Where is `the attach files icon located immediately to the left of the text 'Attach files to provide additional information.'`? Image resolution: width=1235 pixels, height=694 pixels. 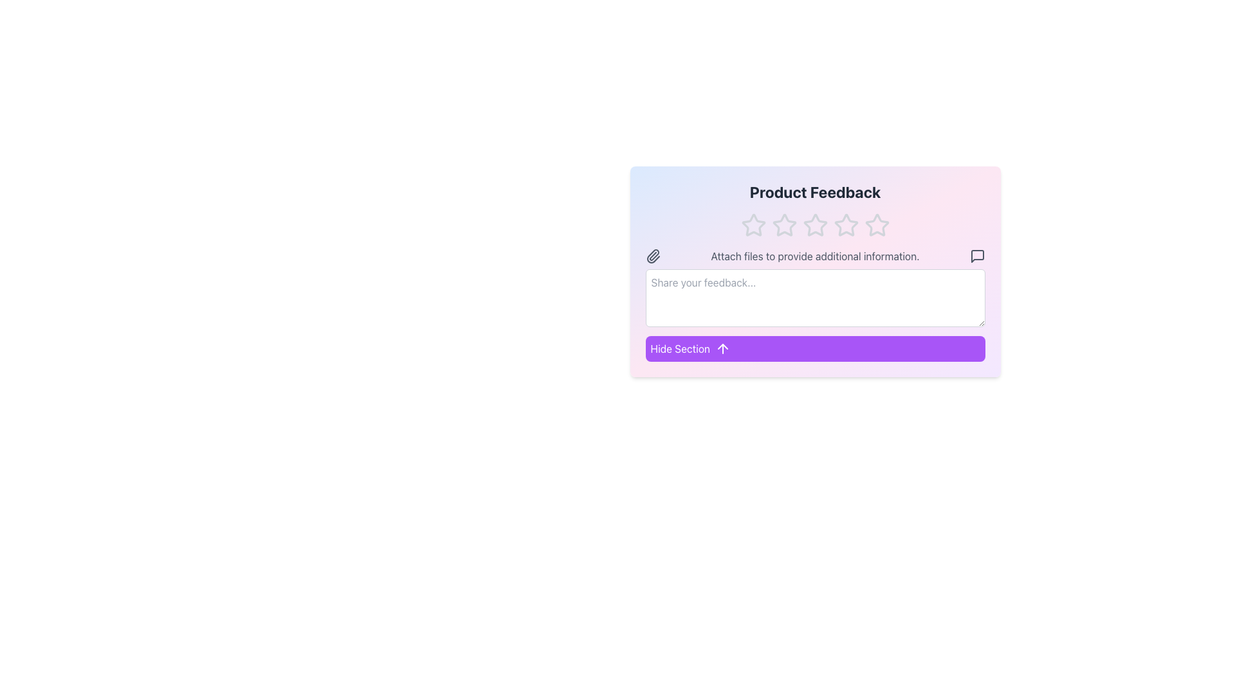 the attach files icon located immediately to the left of the text 'Attach files to provide additional information.' is located at coordinates (653, 256).